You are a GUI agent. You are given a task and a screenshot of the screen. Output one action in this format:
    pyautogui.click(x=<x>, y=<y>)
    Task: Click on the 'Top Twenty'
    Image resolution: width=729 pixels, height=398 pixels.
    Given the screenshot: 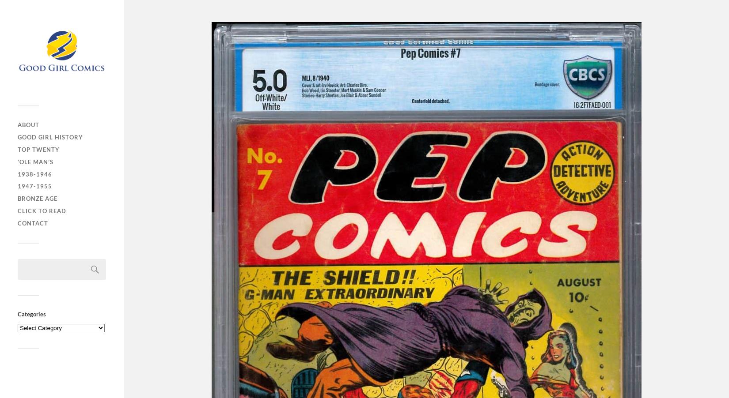 What is the action you would take?
    pyautogui.click(x=17, y=148)
    